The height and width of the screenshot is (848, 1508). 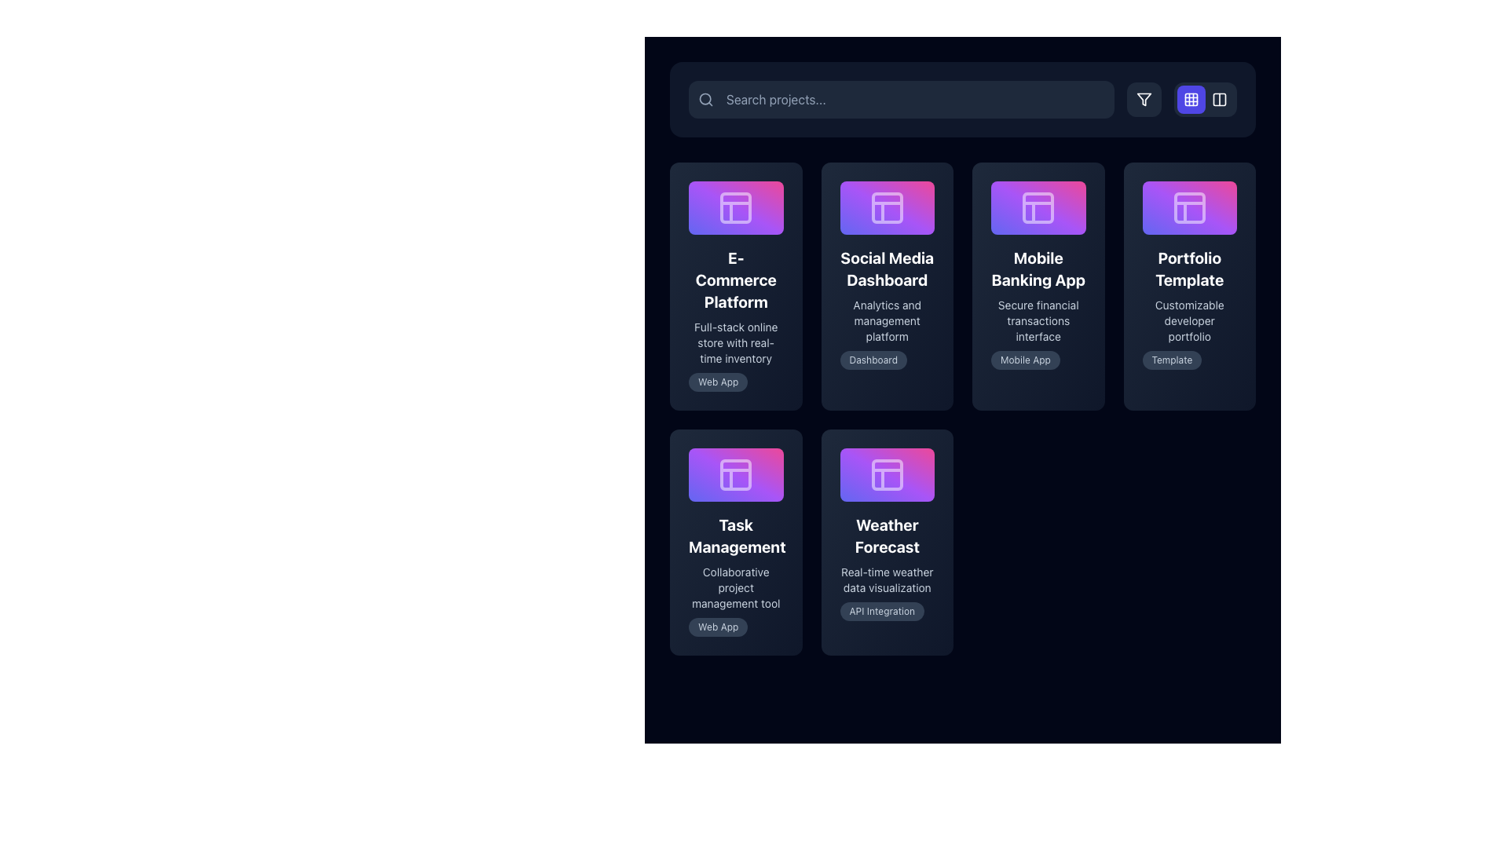 I want to click on the stylized grid icon located at the top-center of the 'Social Media Dashboard' card, so click(x=887, y=207).